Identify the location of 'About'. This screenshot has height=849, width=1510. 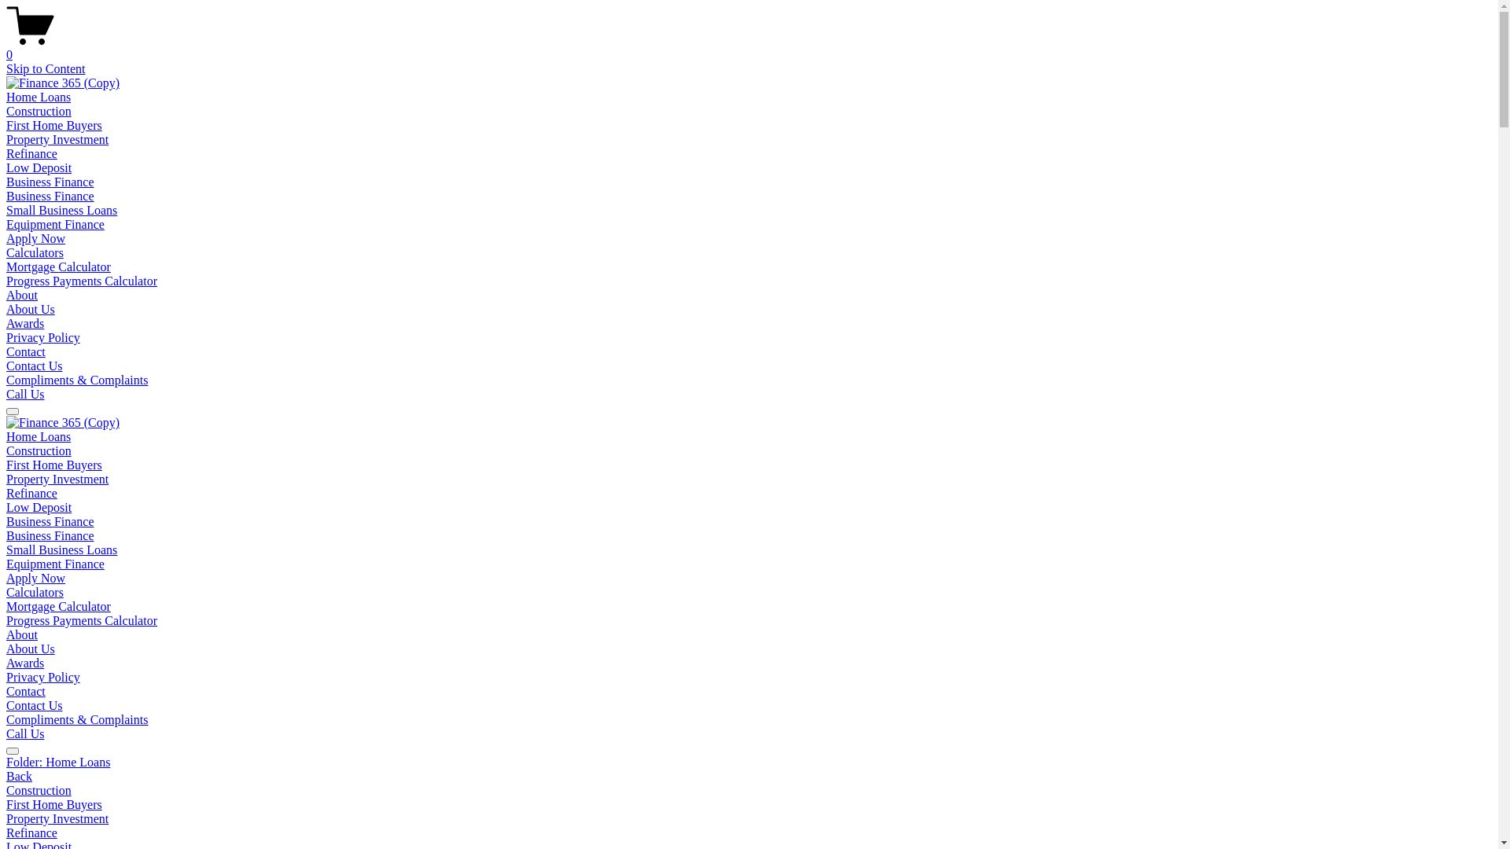
(6, 295).